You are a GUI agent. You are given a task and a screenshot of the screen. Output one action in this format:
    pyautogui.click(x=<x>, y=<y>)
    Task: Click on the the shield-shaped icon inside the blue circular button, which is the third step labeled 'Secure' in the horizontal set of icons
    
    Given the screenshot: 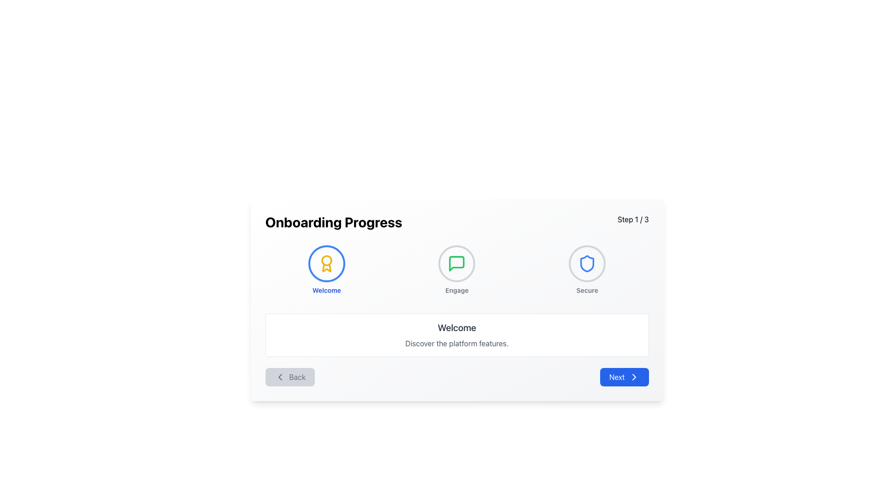 What is the action you would take?
    pyautogui.click(x=587, y=263)
    